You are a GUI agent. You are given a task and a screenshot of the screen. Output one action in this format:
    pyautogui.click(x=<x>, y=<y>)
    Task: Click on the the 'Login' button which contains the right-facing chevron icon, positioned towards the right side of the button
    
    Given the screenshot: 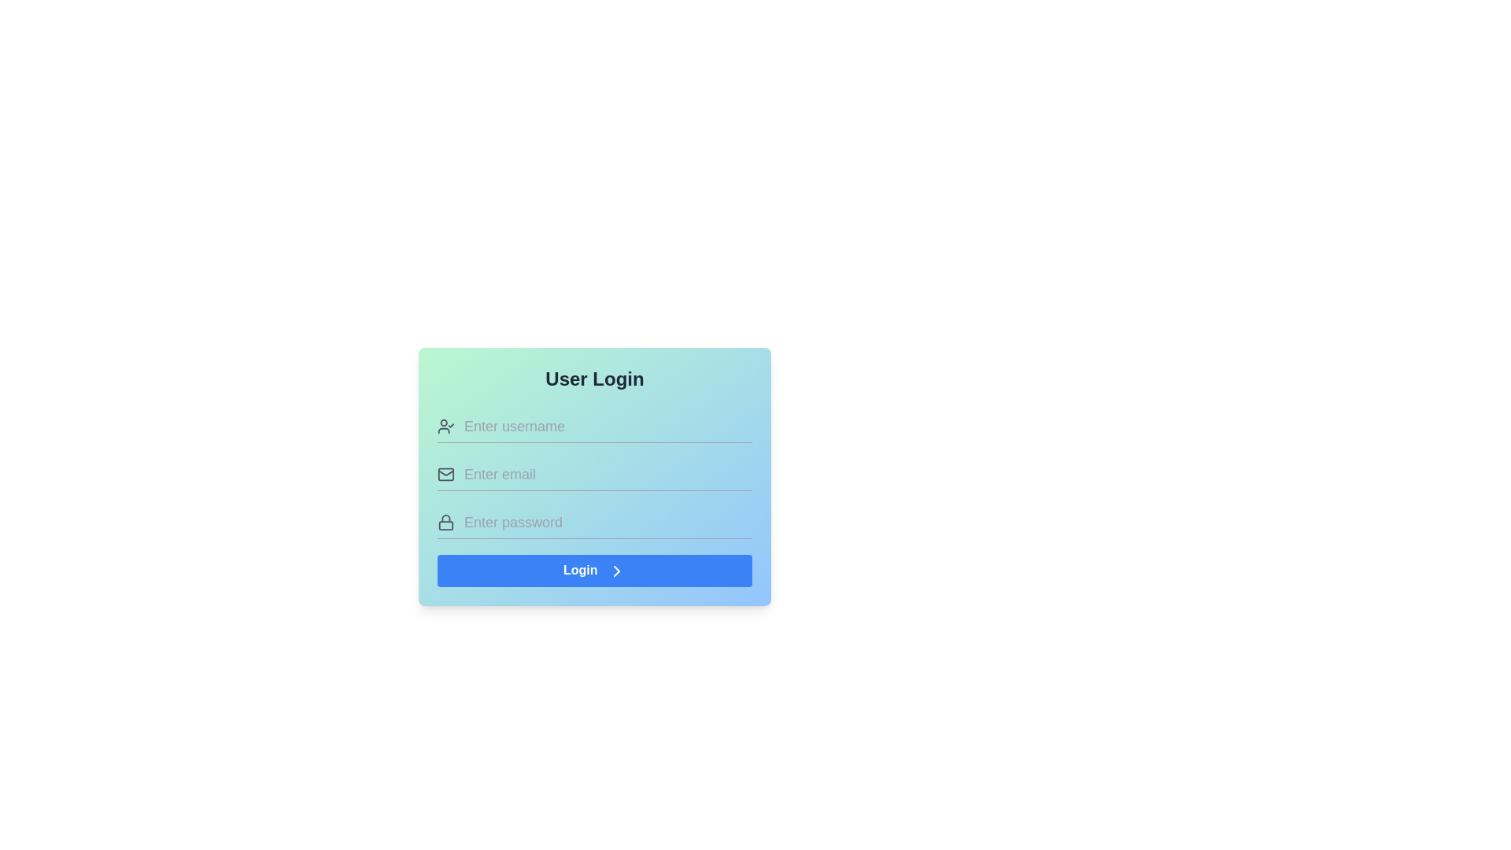 What is the action you would take?
    pyautogui.click(x=615, y=571)
    